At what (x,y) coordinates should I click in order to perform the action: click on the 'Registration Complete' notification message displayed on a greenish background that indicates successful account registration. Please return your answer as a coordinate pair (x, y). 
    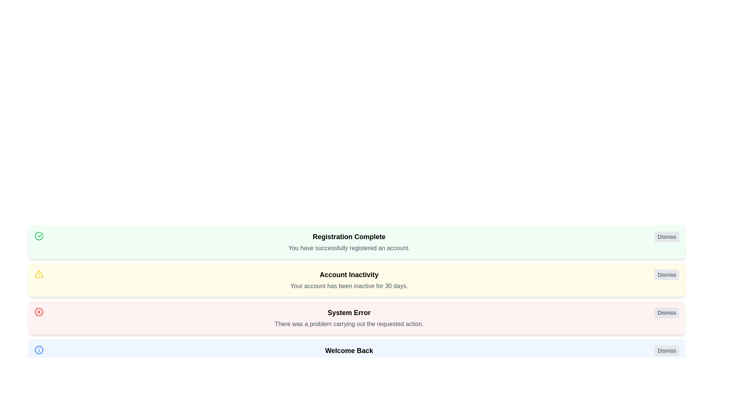
    Looking at the image, I should click on (349, 242).